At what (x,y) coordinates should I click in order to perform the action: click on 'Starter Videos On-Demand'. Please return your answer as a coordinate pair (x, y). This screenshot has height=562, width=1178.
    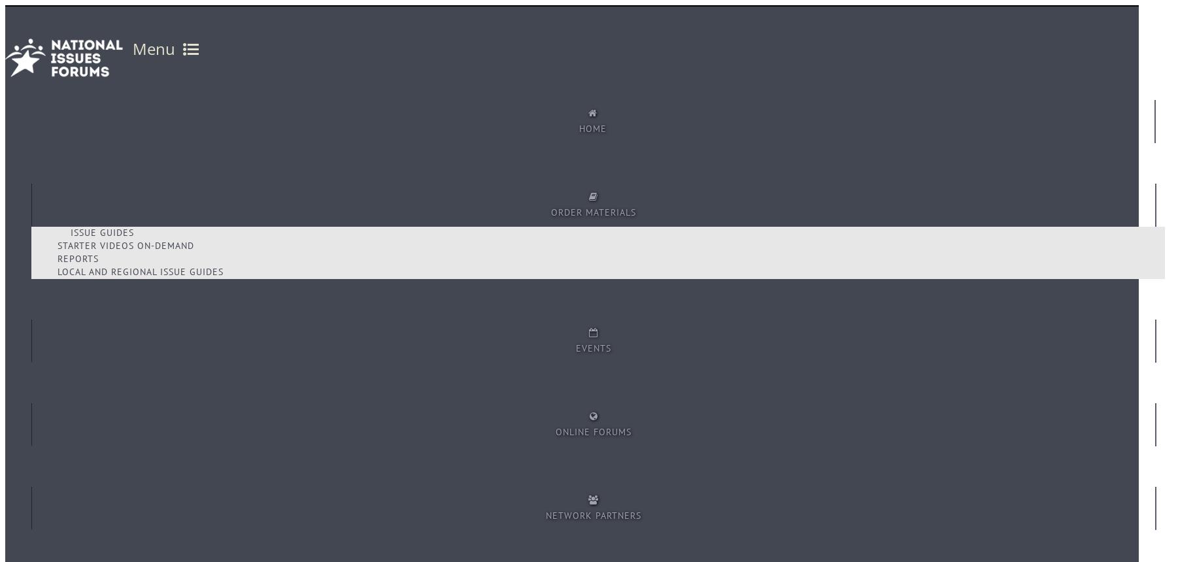
    Looking at the image, I should click on (125, 245).